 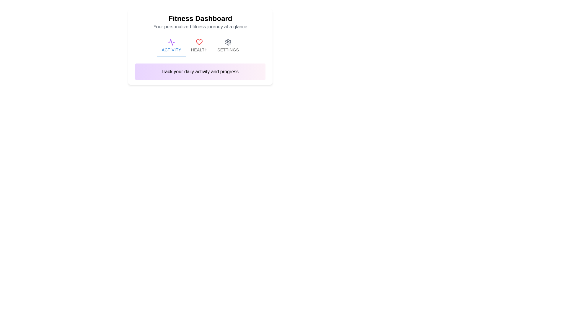 I want to click on the gear-like settings icon located, so click(x=228, y=42).